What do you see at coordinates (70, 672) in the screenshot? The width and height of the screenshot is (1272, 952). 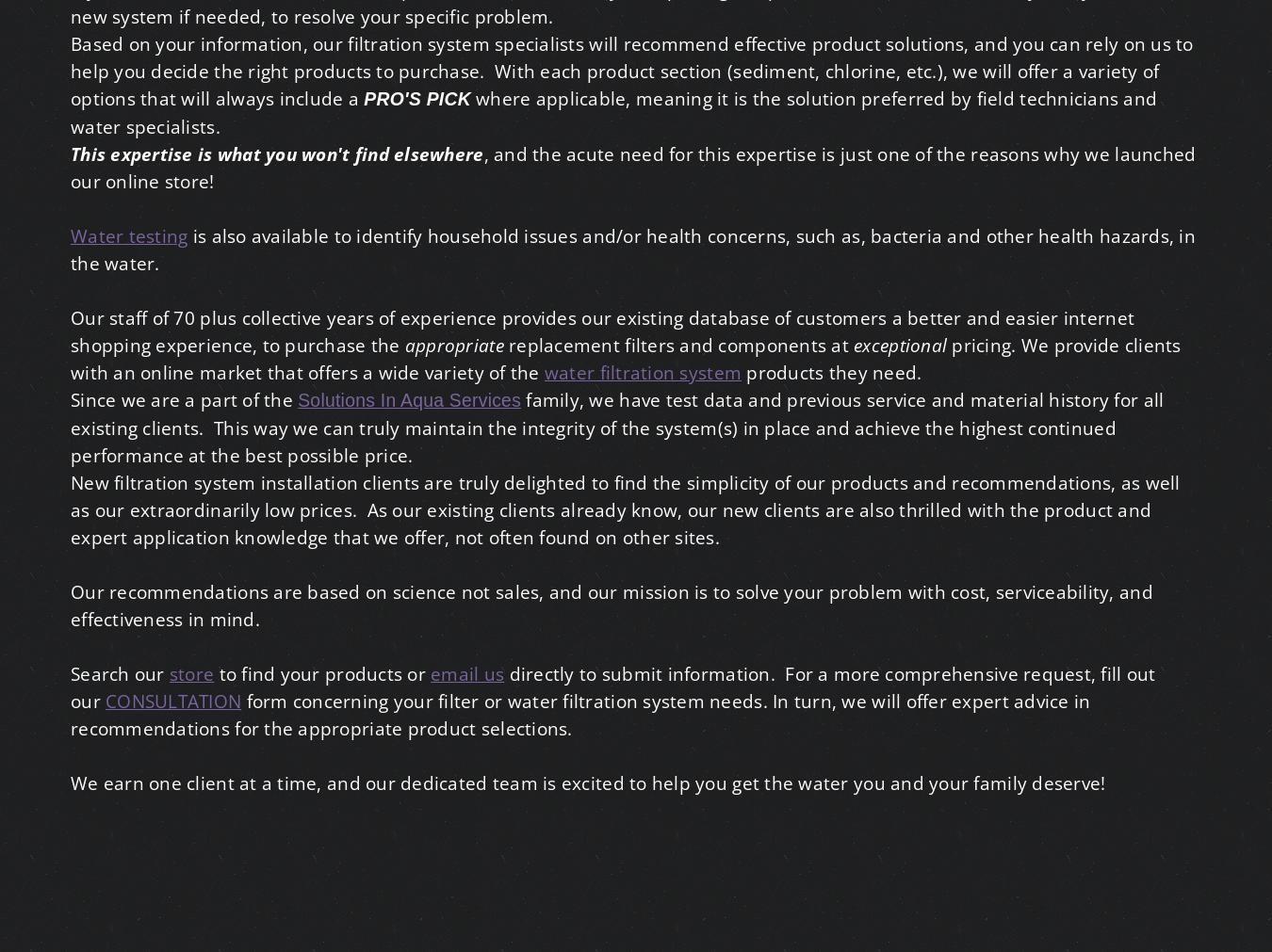 I see `'Search our'` at bounding box center [70, 672].